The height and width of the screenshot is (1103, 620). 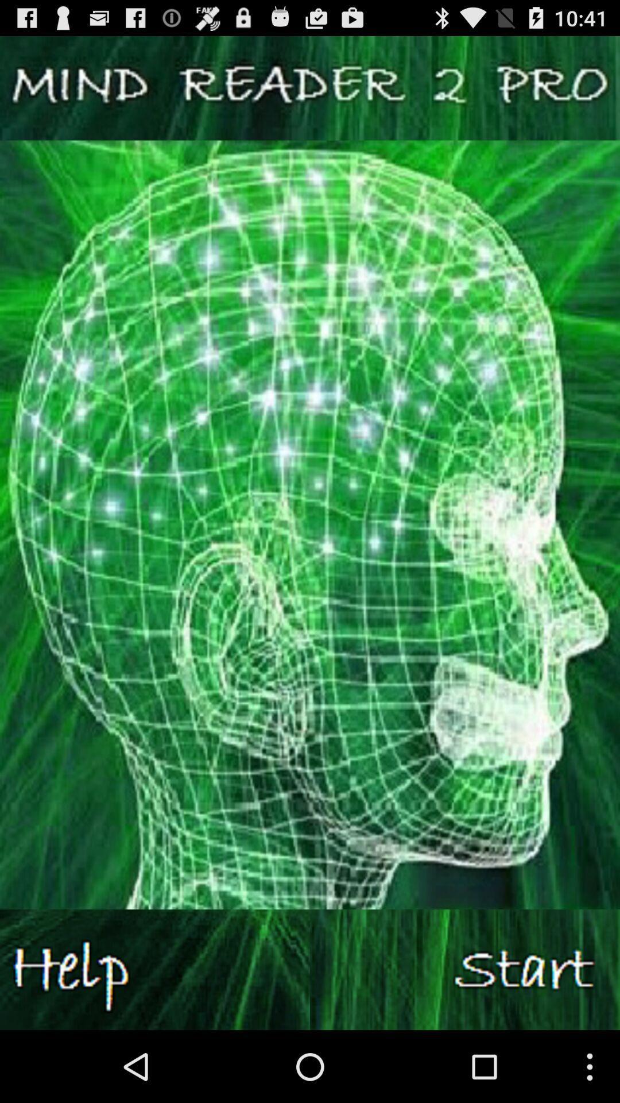 What do you see at coordinates (155, 969) in the screenshot?
I see `help button` at bounding box center [155, 969].